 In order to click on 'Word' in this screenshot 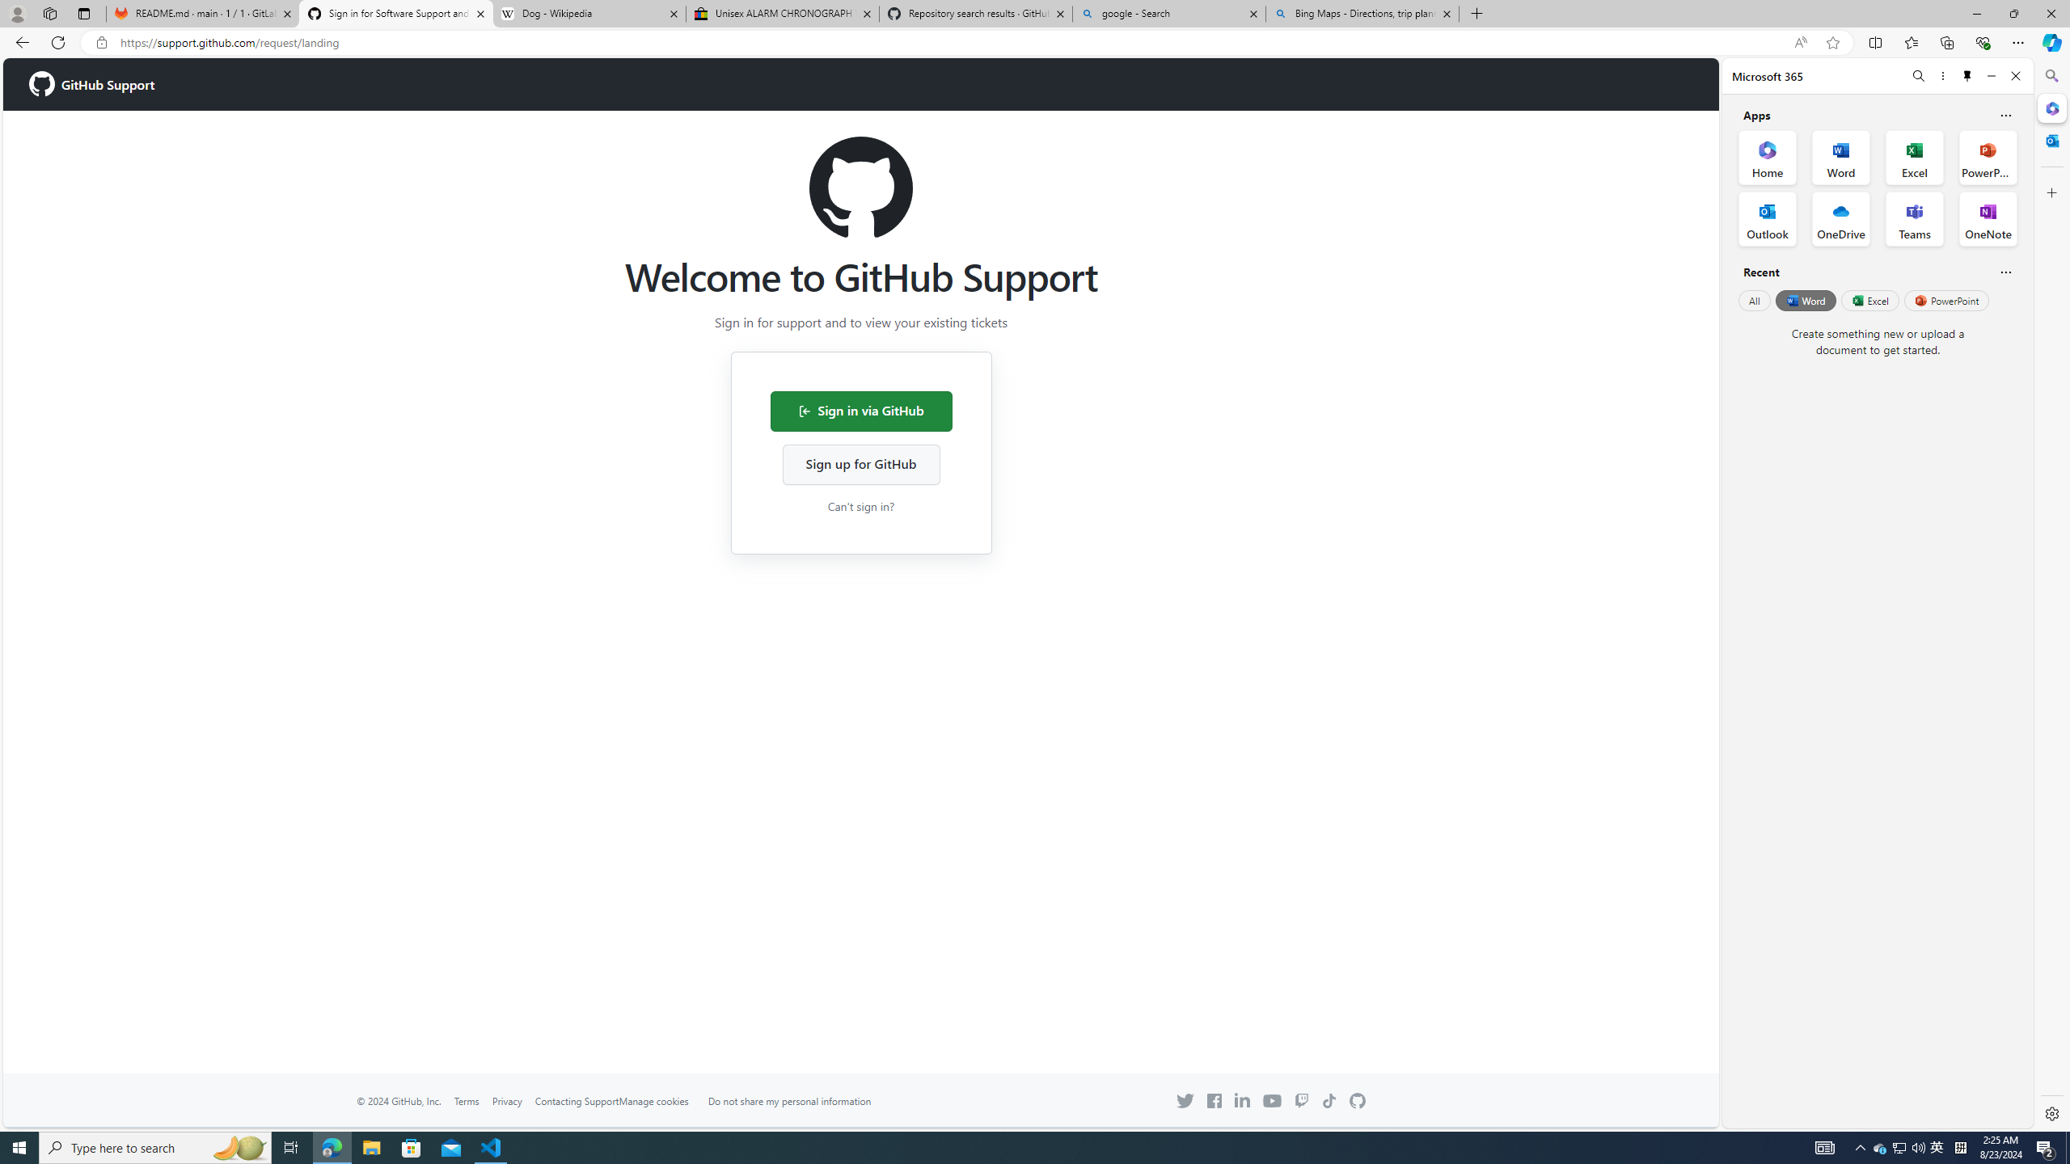, I will do `click(1804, 300)`.